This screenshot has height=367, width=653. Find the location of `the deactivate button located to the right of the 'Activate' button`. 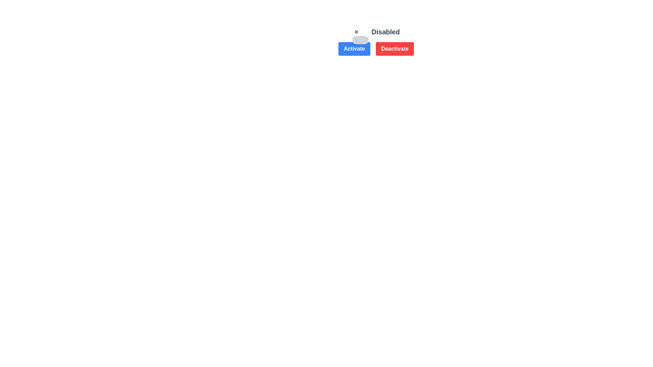

the deactivate button located to the right of the 'Activate' button is located at coordinates (395, 48).